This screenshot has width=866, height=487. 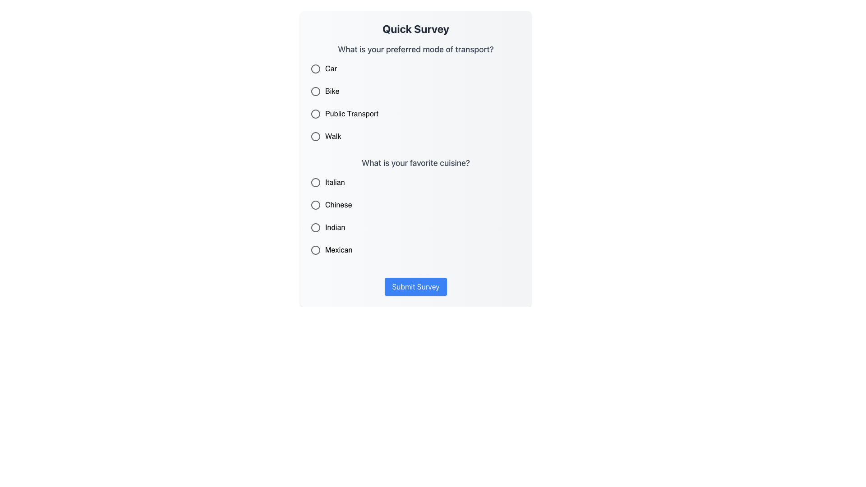 What do you see at coordinates (316, 183) in the screenshot?
I see `the selected radio button for 'Italian' under the question 'What is your favorite cuisine.'` at bounding box center [316, 183].